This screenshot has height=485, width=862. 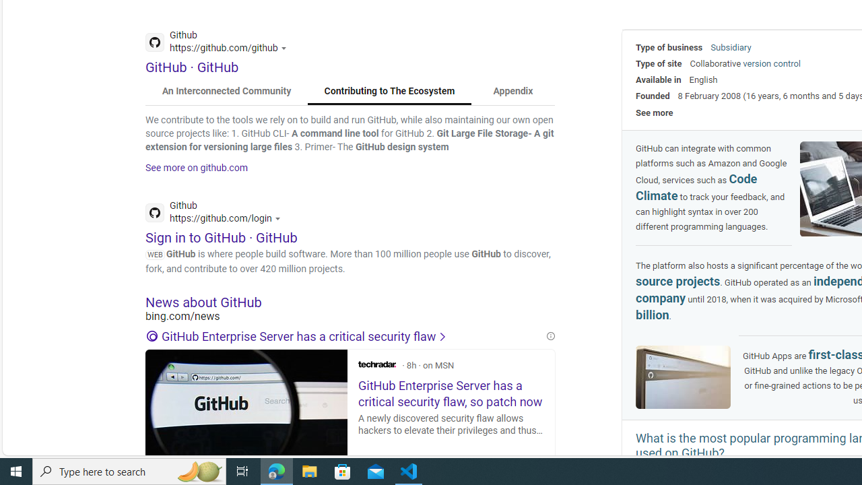 I want to click on 'Type of business', so click(x=669, y=46).